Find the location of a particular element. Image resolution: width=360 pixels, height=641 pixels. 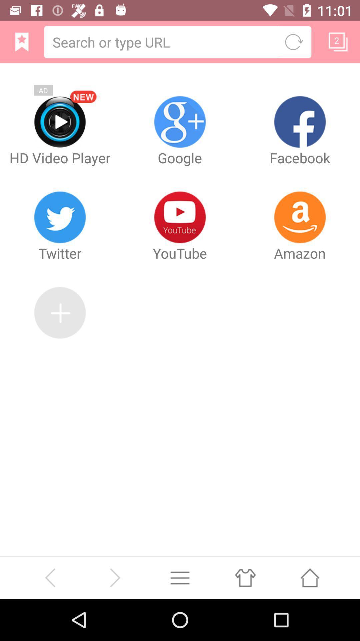

press home button is located at coordinates (310, 577).